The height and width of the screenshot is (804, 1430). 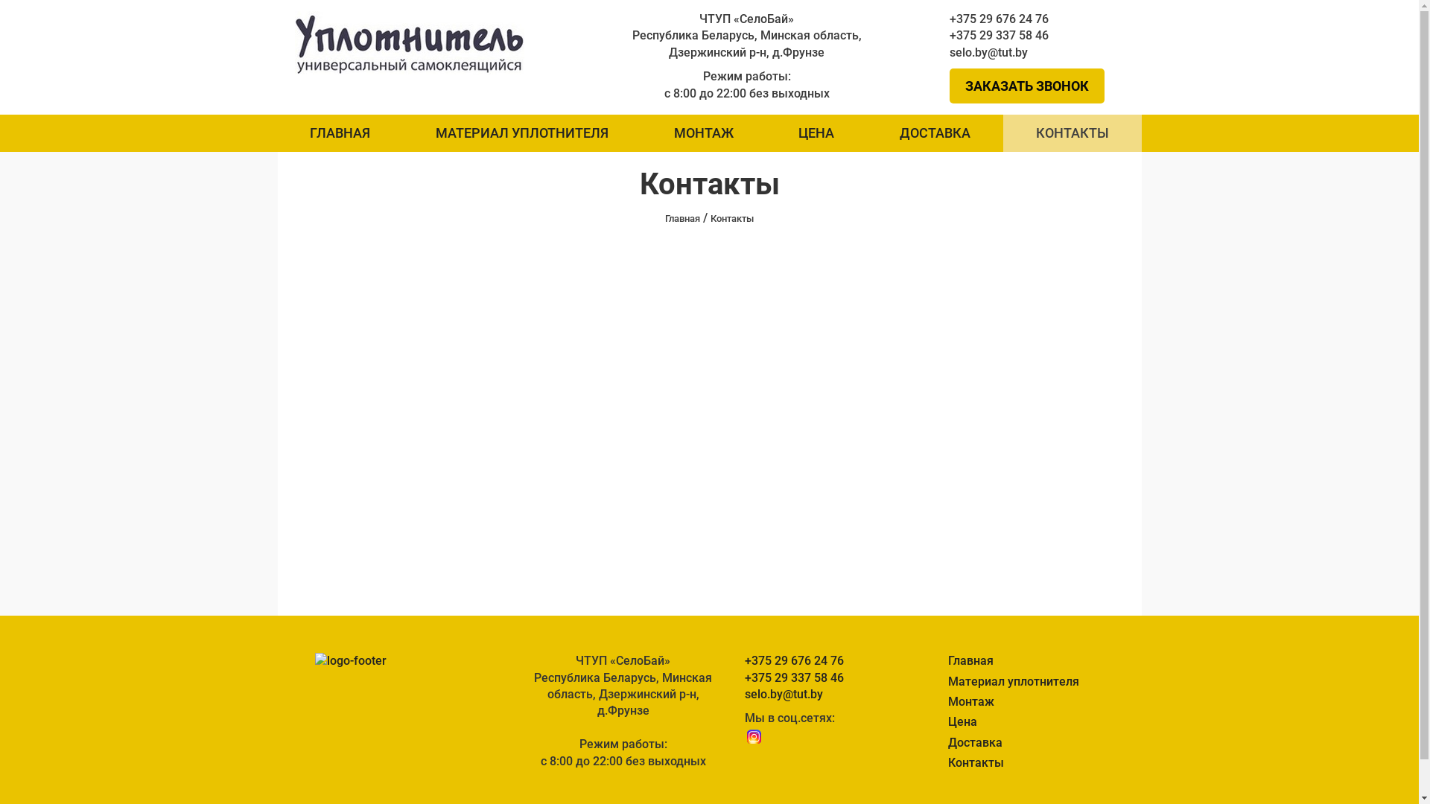 What do you see at coordinates (818, 695) in the screenshot?
I see `'selo.by@tut.by'` at bounding box center [818, 695].